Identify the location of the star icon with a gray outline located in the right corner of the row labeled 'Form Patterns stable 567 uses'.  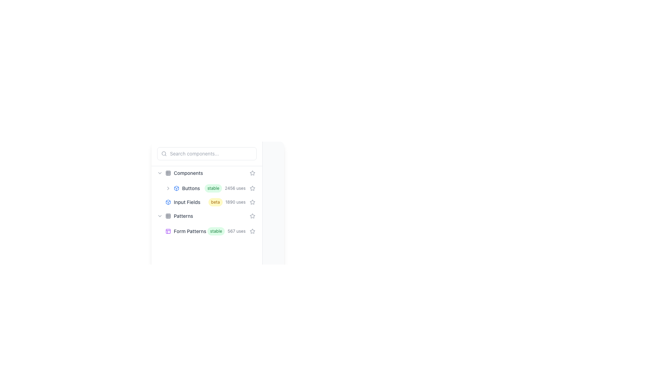
(252, 216).